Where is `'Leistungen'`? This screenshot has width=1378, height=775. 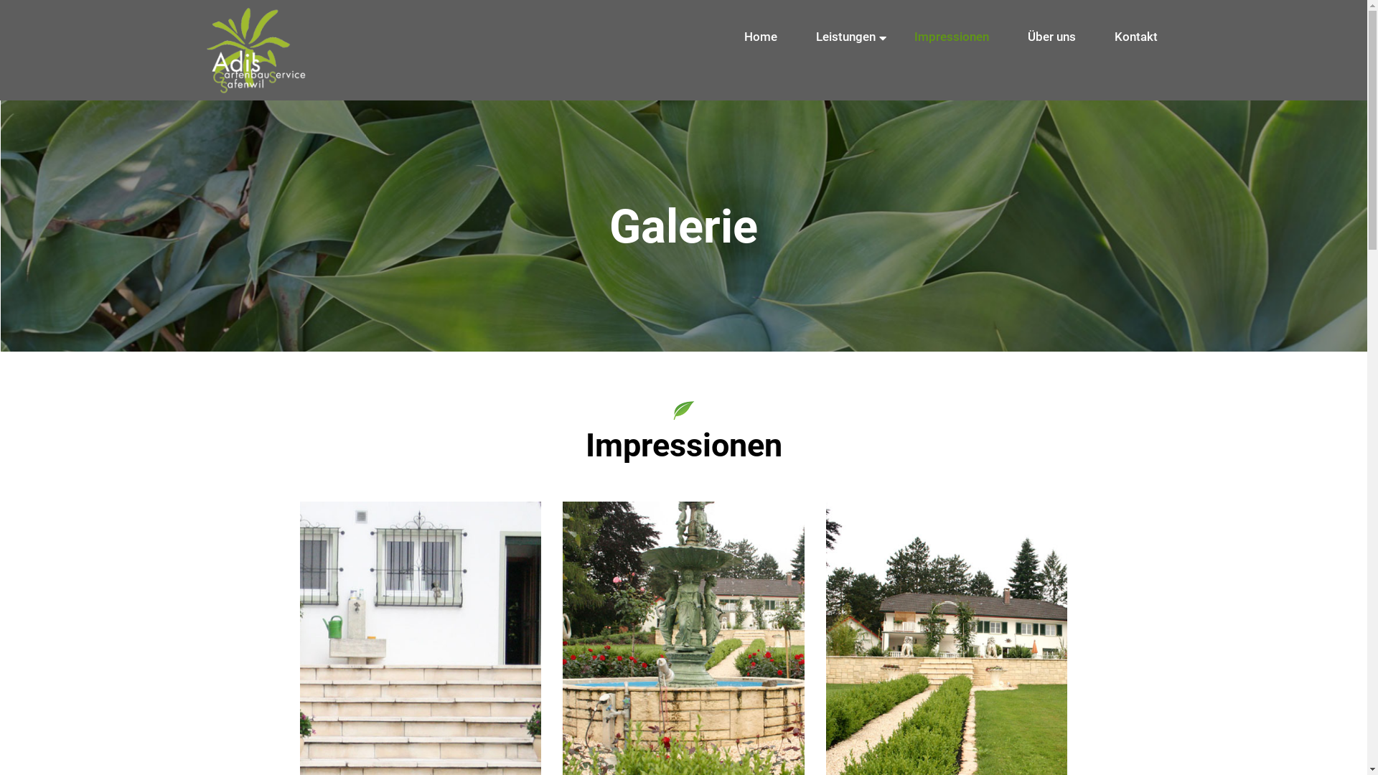 'Leistungen' is located at coordinates (845, 36).